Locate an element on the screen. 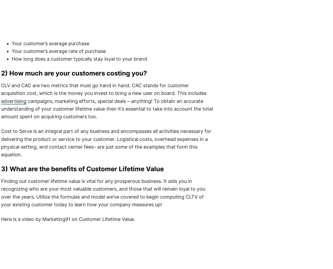 This screenshot has width=333, height=269. 'Finding out customer lifetime value is vital for any prosperous business. It aids you in recognizing who are your most valuable customers, and those that will remain loyal to you over the years. Utilize the formulas and model we’ve covered to begin computing CLTV of your existing customer today to learn how your company measures up!' is located at coordinates (103, 192).